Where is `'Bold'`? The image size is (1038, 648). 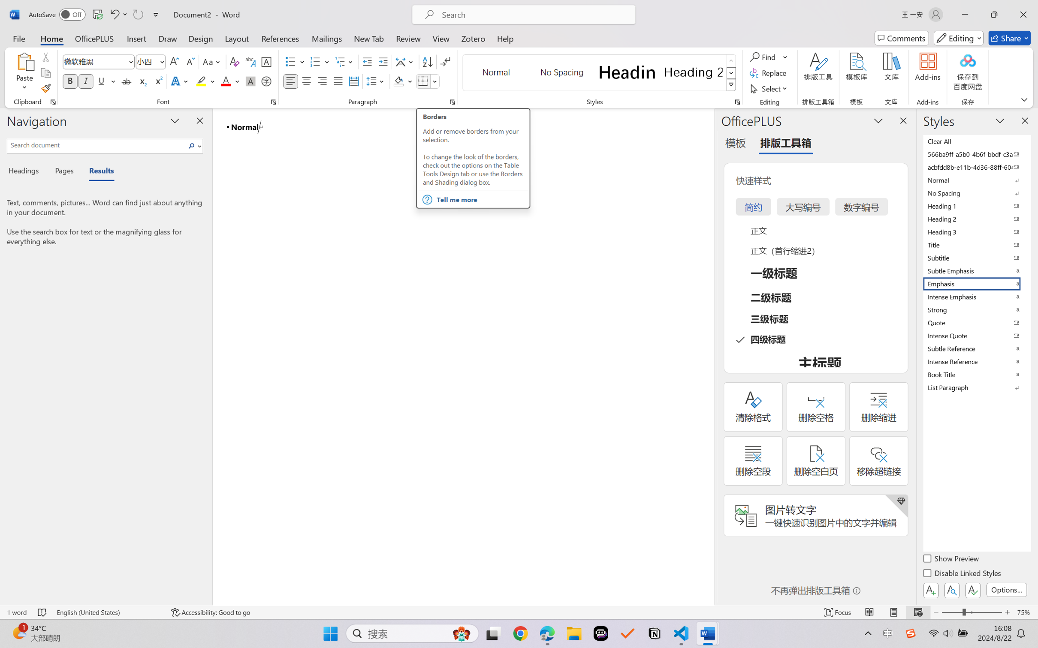 'Bold' is located at coordinates (70, 81).